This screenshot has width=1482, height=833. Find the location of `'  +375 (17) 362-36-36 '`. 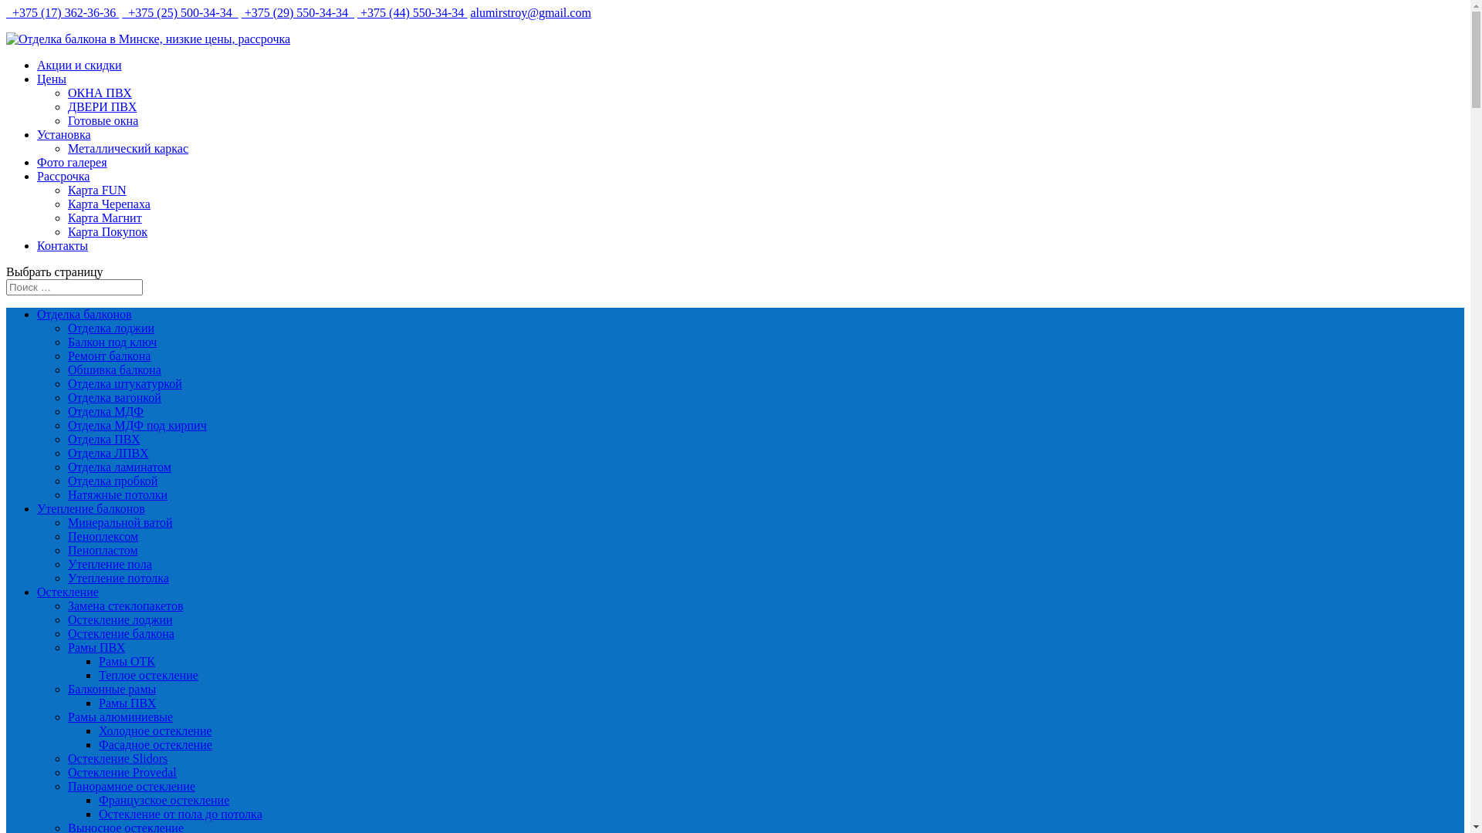

'  +375 (17) 362-36-36 ' is located at coordinates (6, 12).